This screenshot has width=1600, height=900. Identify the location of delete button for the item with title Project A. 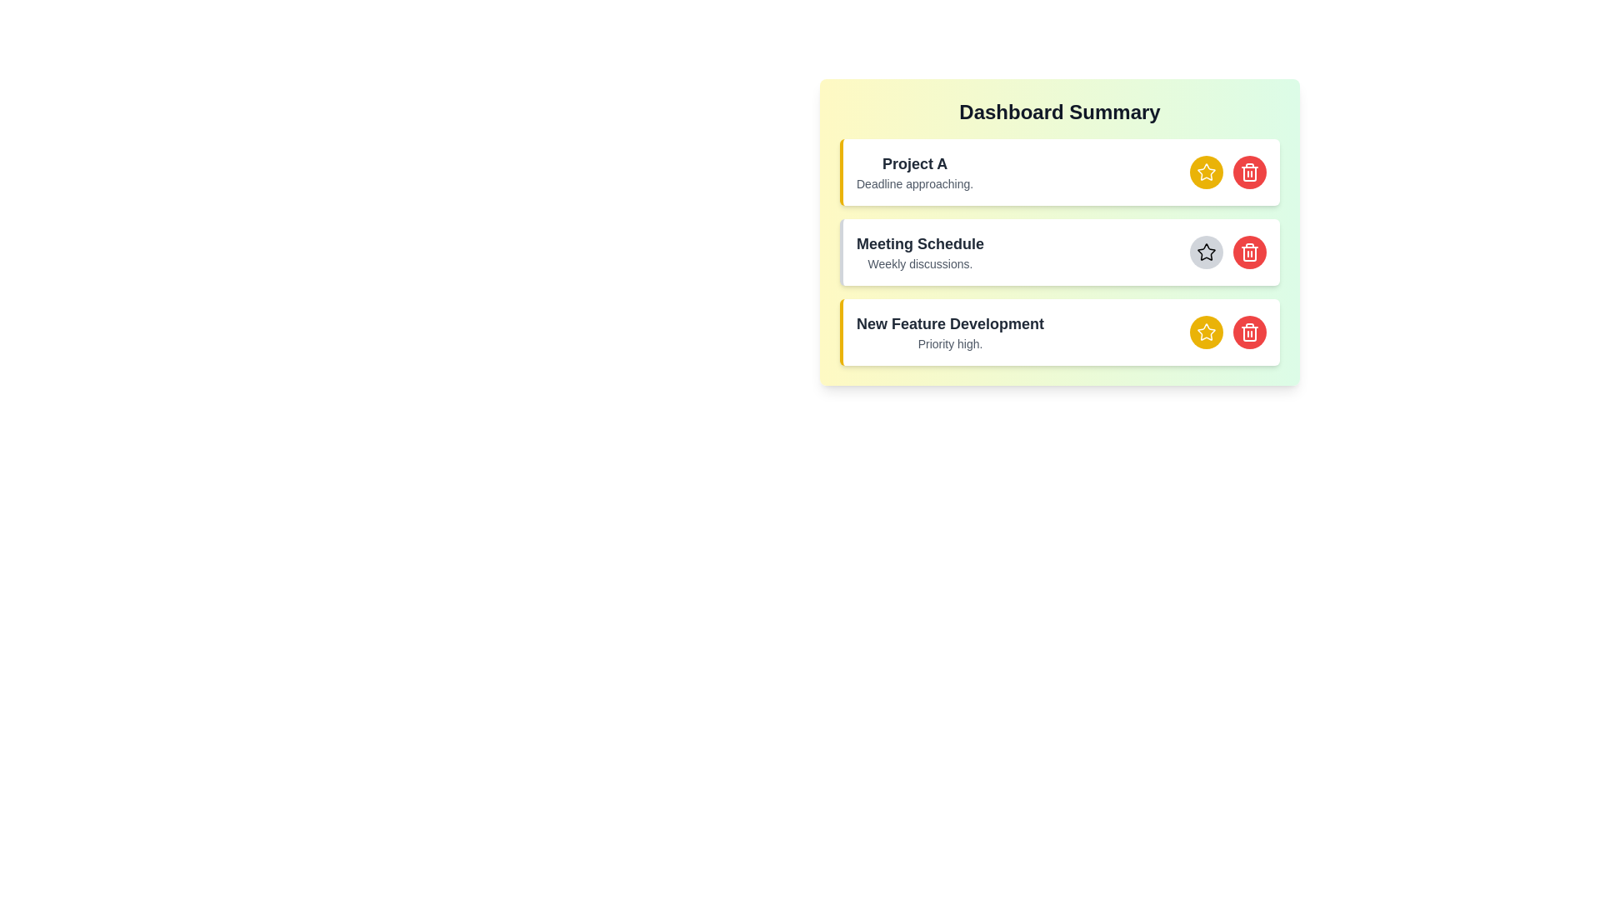
(1249, 172).